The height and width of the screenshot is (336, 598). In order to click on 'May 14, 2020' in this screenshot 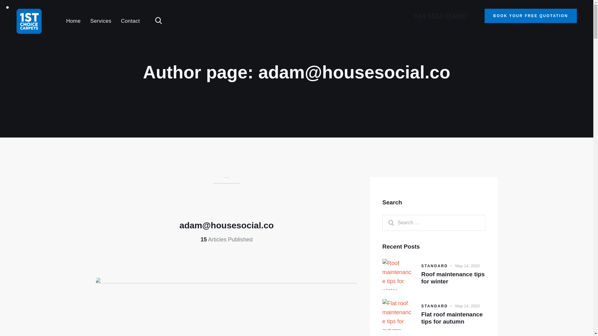, I will do `click(467, 266)`.